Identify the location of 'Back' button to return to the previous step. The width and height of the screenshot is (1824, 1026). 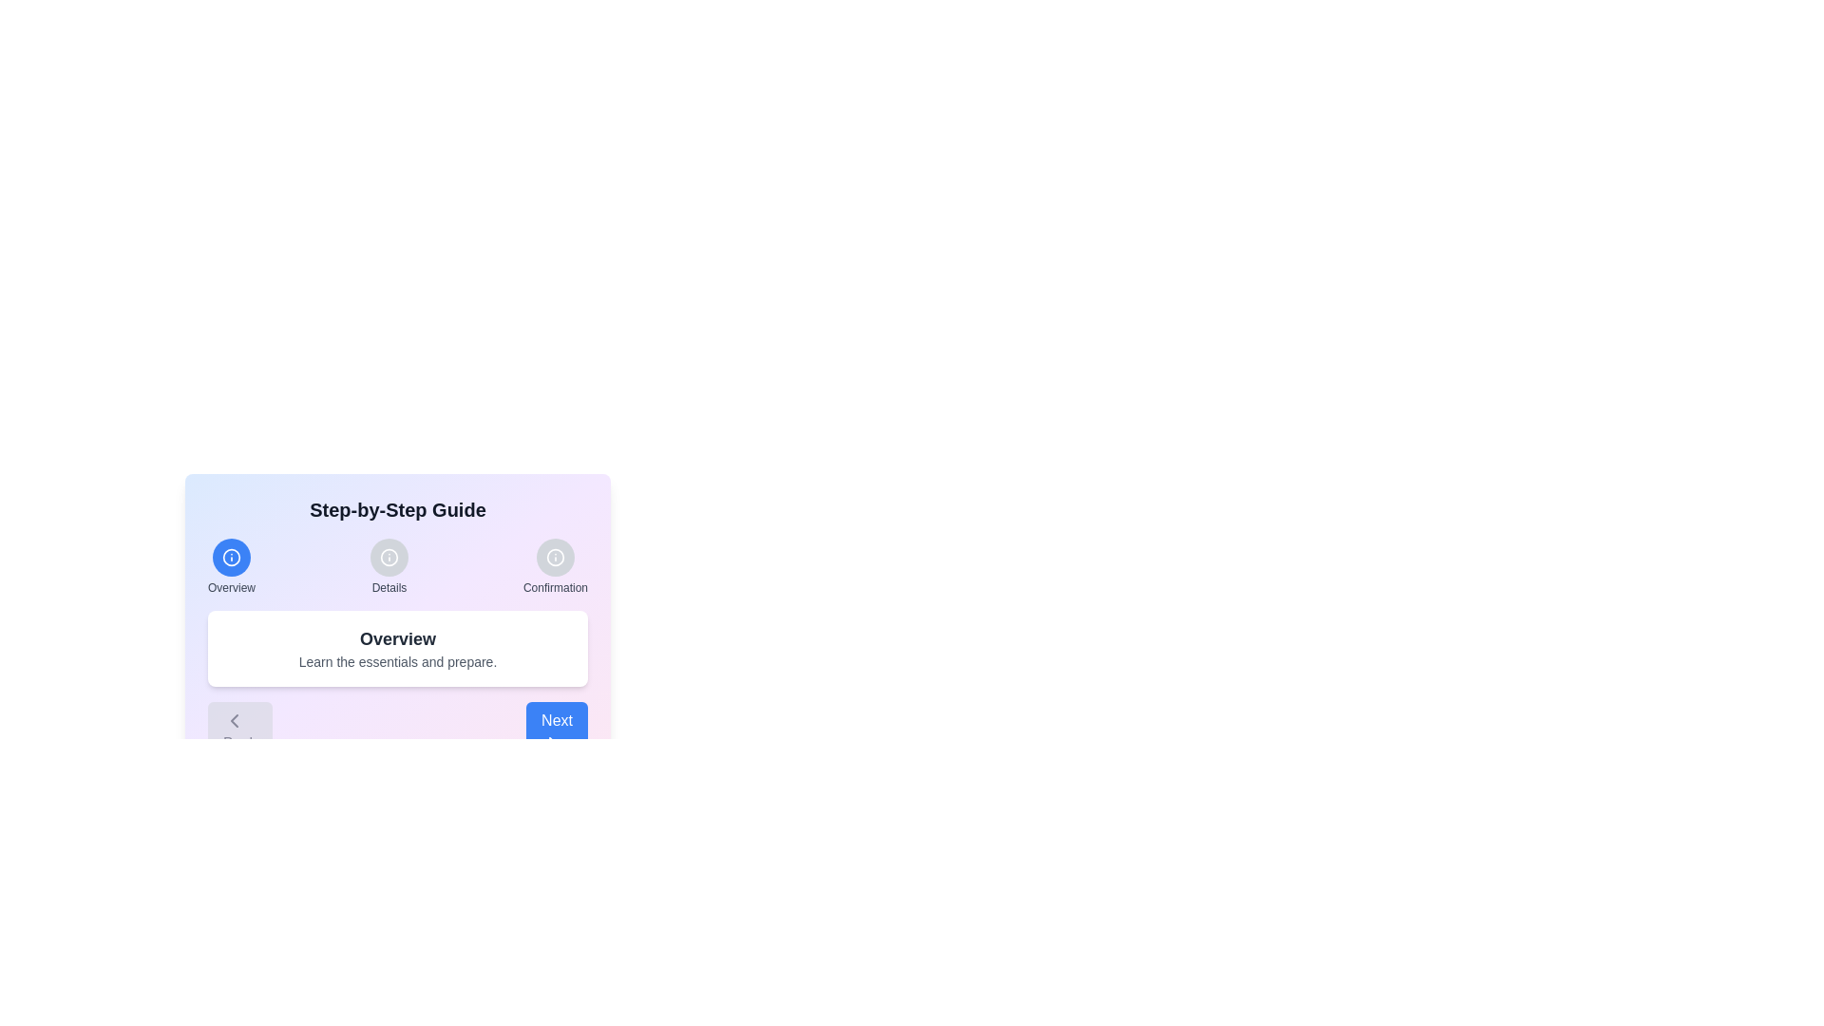
(238, 731).